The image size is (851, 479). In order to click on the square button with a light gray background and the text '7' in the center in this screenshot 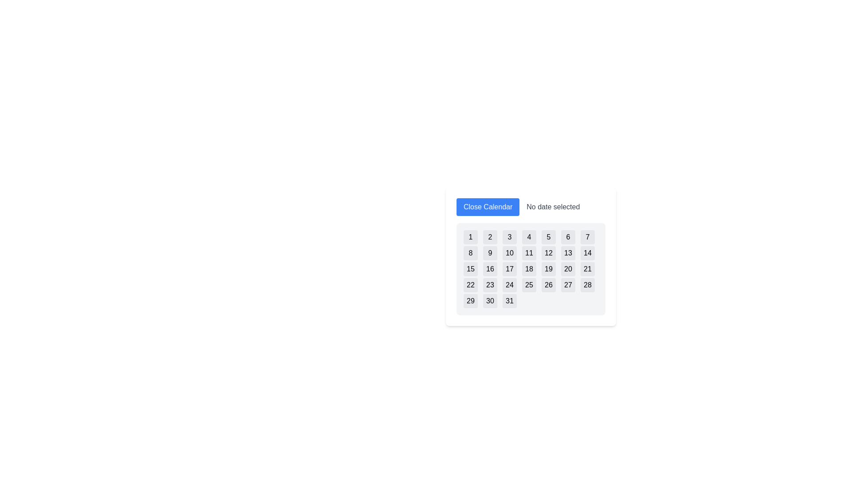, I will do `click(587, 237)`.